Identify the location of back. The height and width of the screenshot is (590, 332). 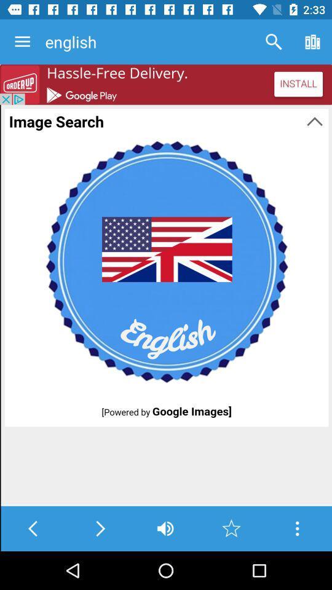
(33, 528).